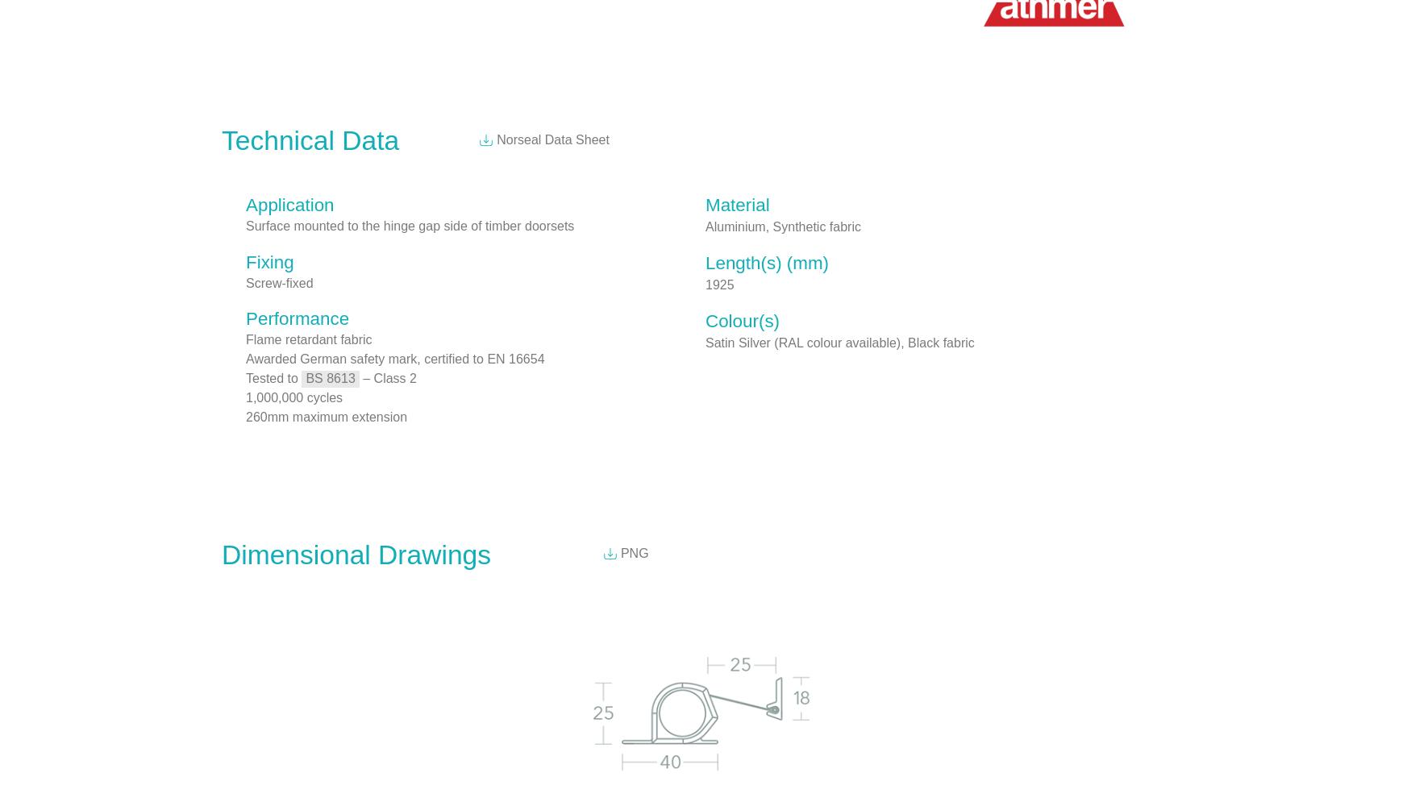 The image size is (1411, 802). I want to click on '260mm maximum extension', so click(245, 416).